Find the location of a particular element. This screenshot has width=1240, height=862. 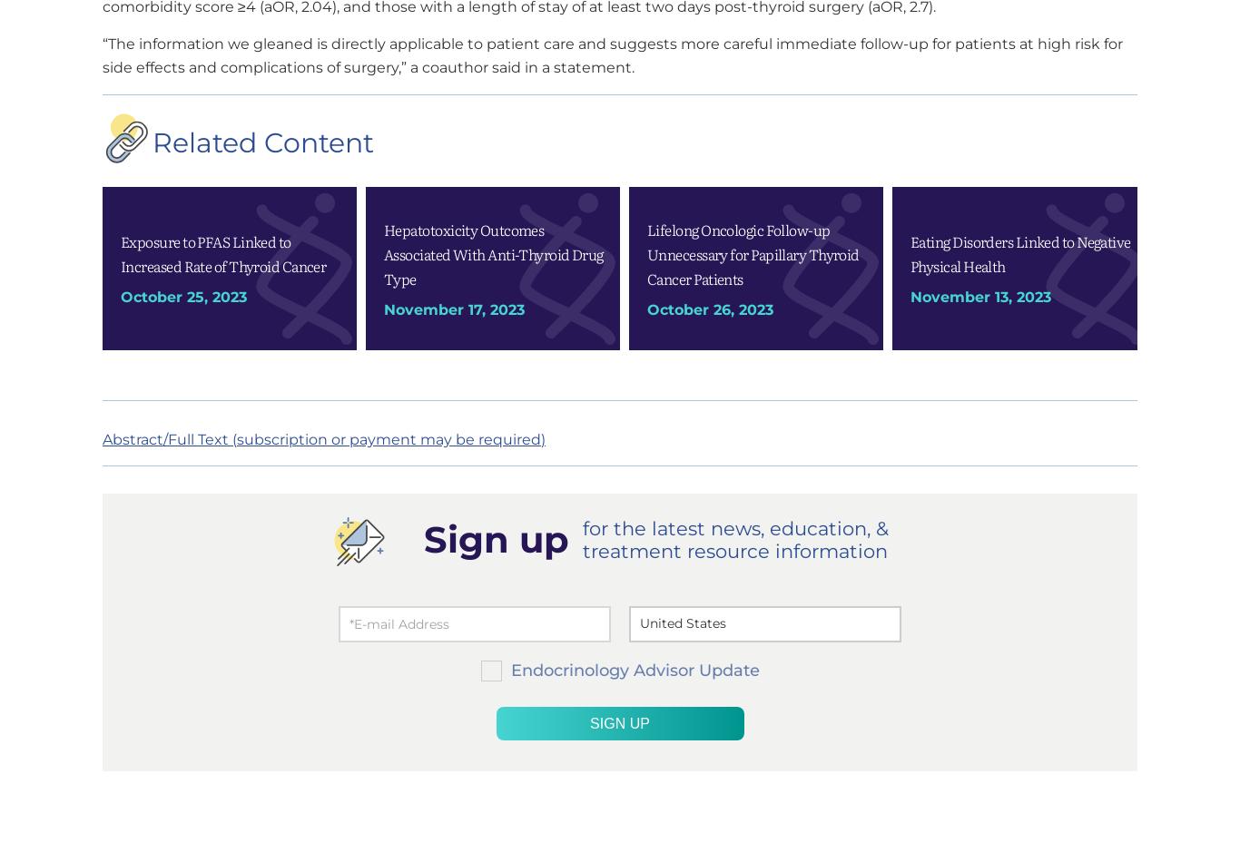

'Eating Disorders Linked to Negative Physical Health' is located at coordinates (1019, 252).